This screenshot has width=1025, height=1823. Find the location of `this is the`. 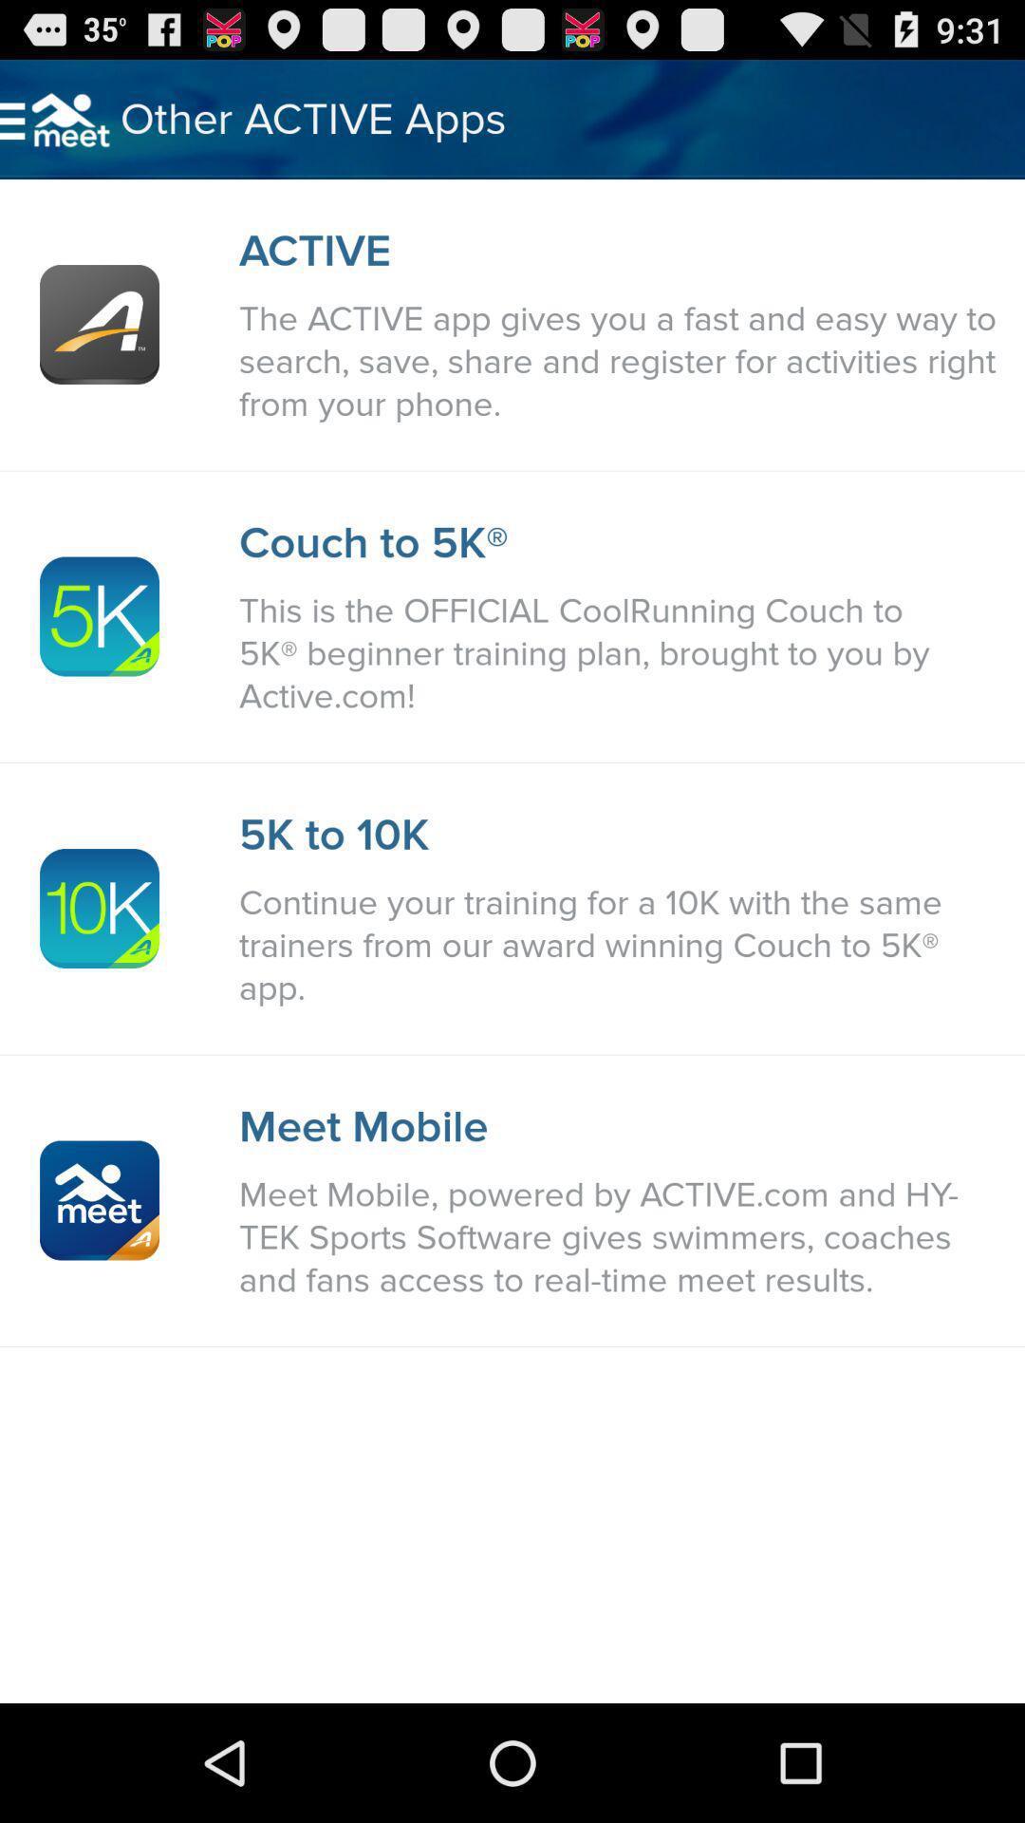

this is the is located at coordinates (622, 653).